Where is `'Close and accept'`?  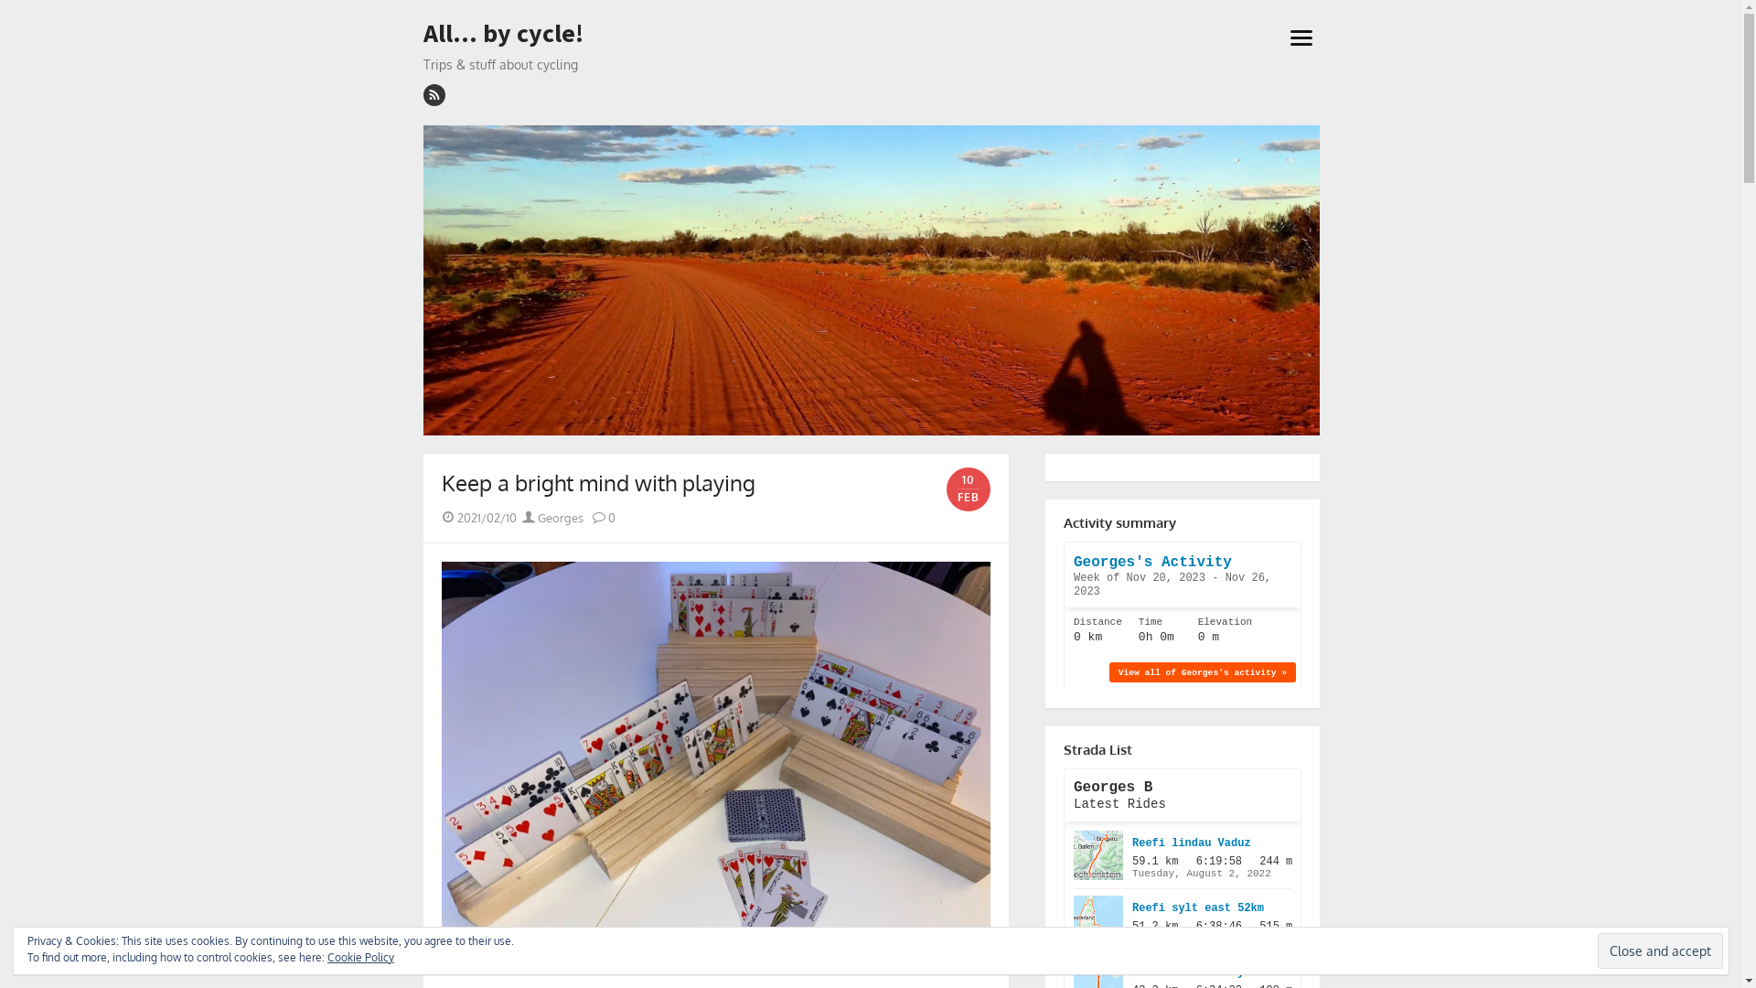
'Close and accept' is located at coordinates (1660, 950).